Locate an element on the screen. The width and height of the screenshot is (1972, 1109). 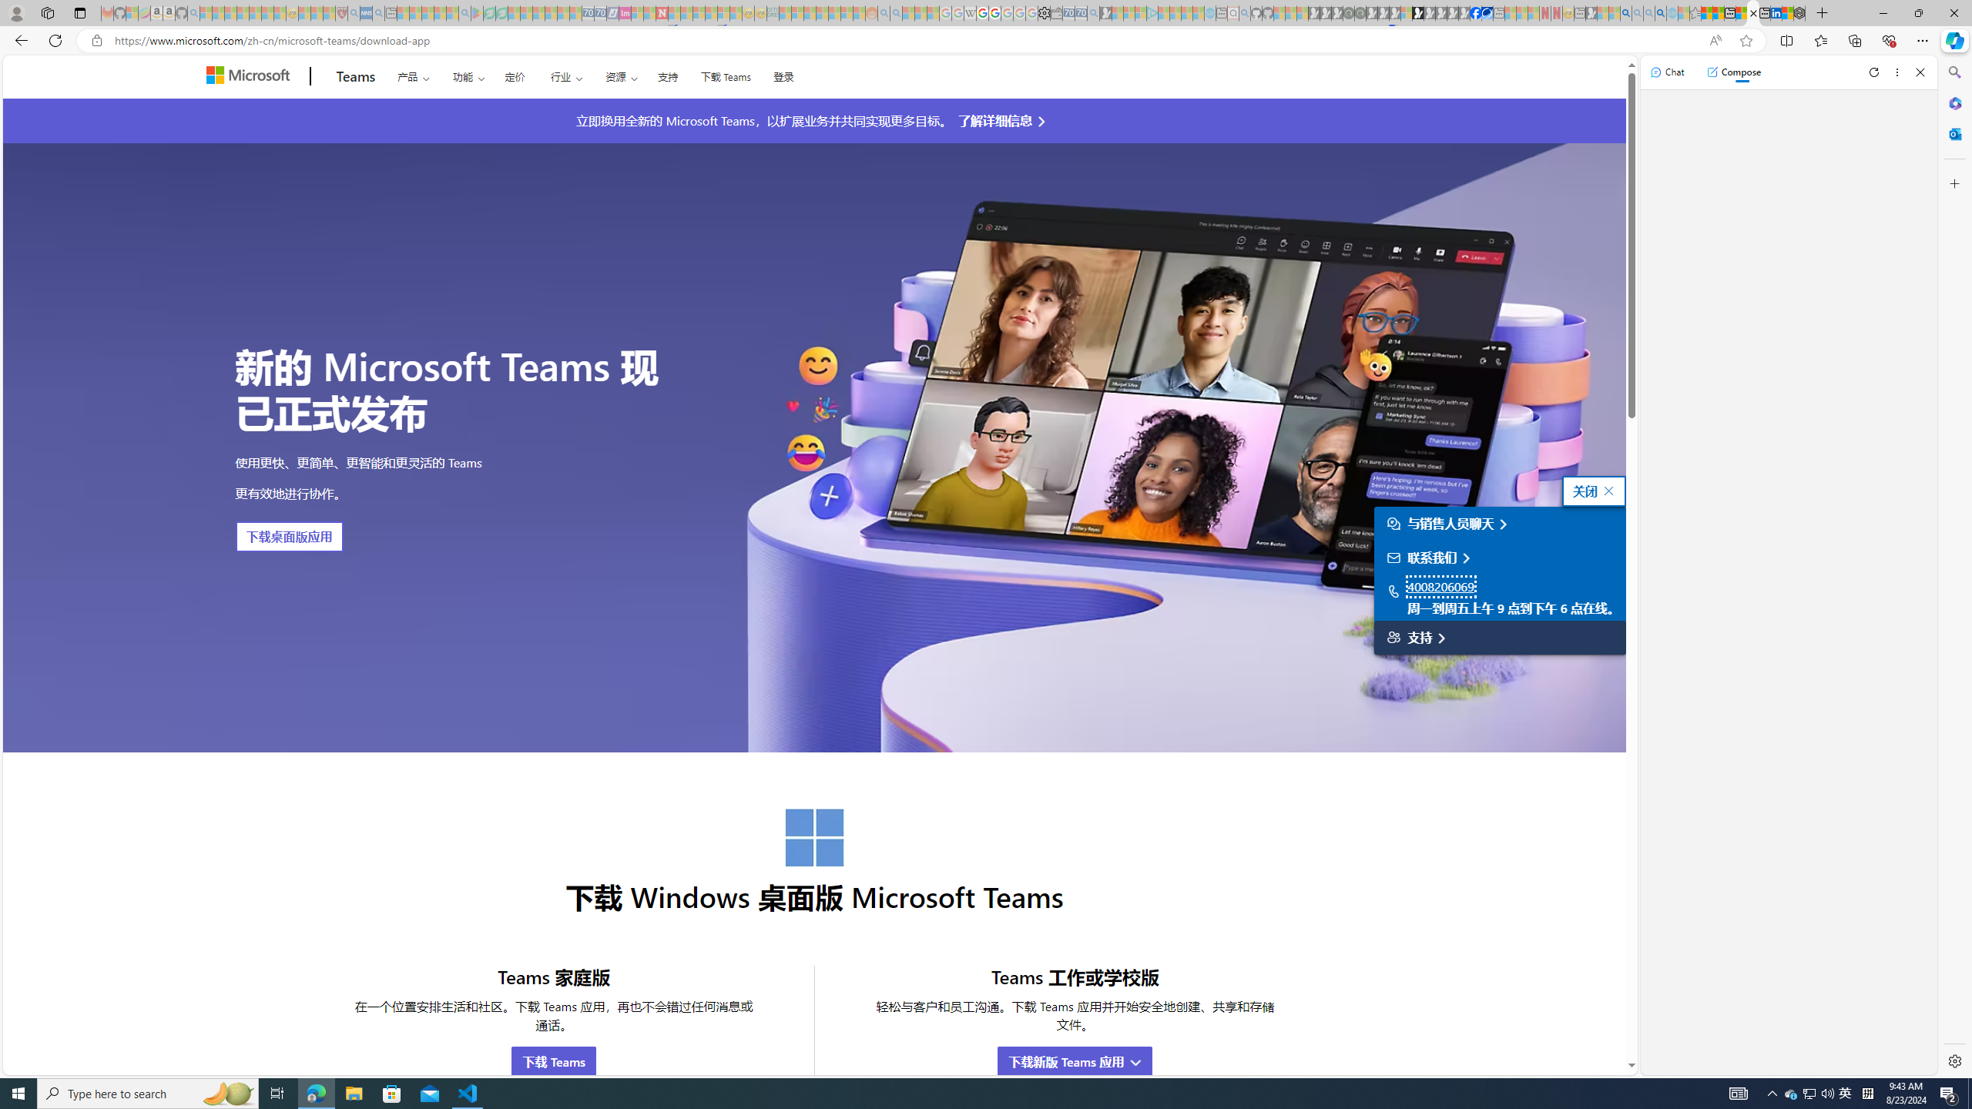
'Wallet - Sleeping' is located at coordinates (1055, 12).